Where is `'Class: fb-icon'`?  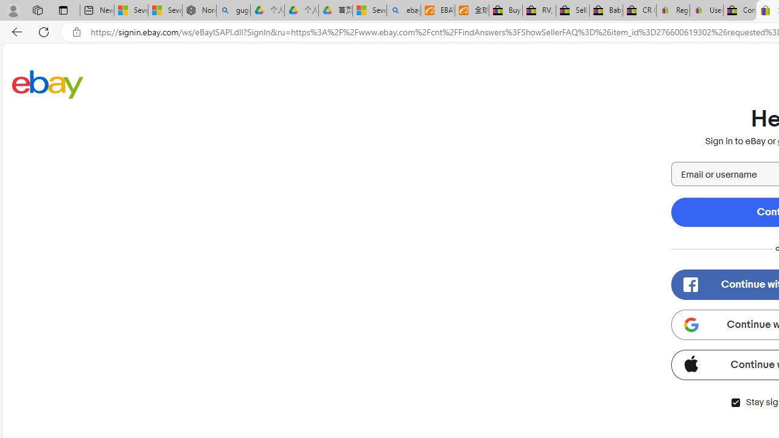
'Class: fb-icon' is located at coordinates (690, 285).